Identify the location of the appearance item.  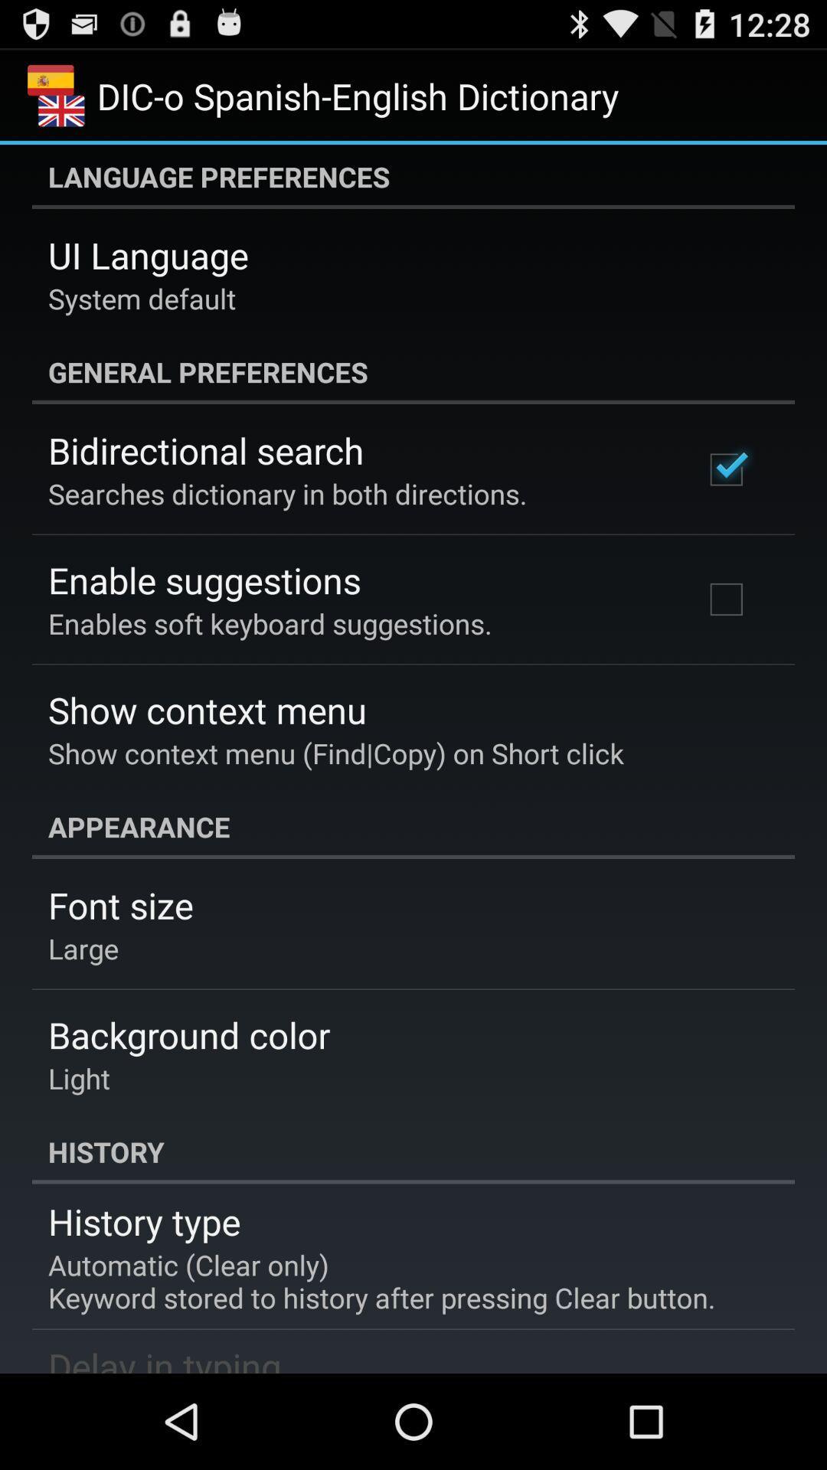
(413, 826).